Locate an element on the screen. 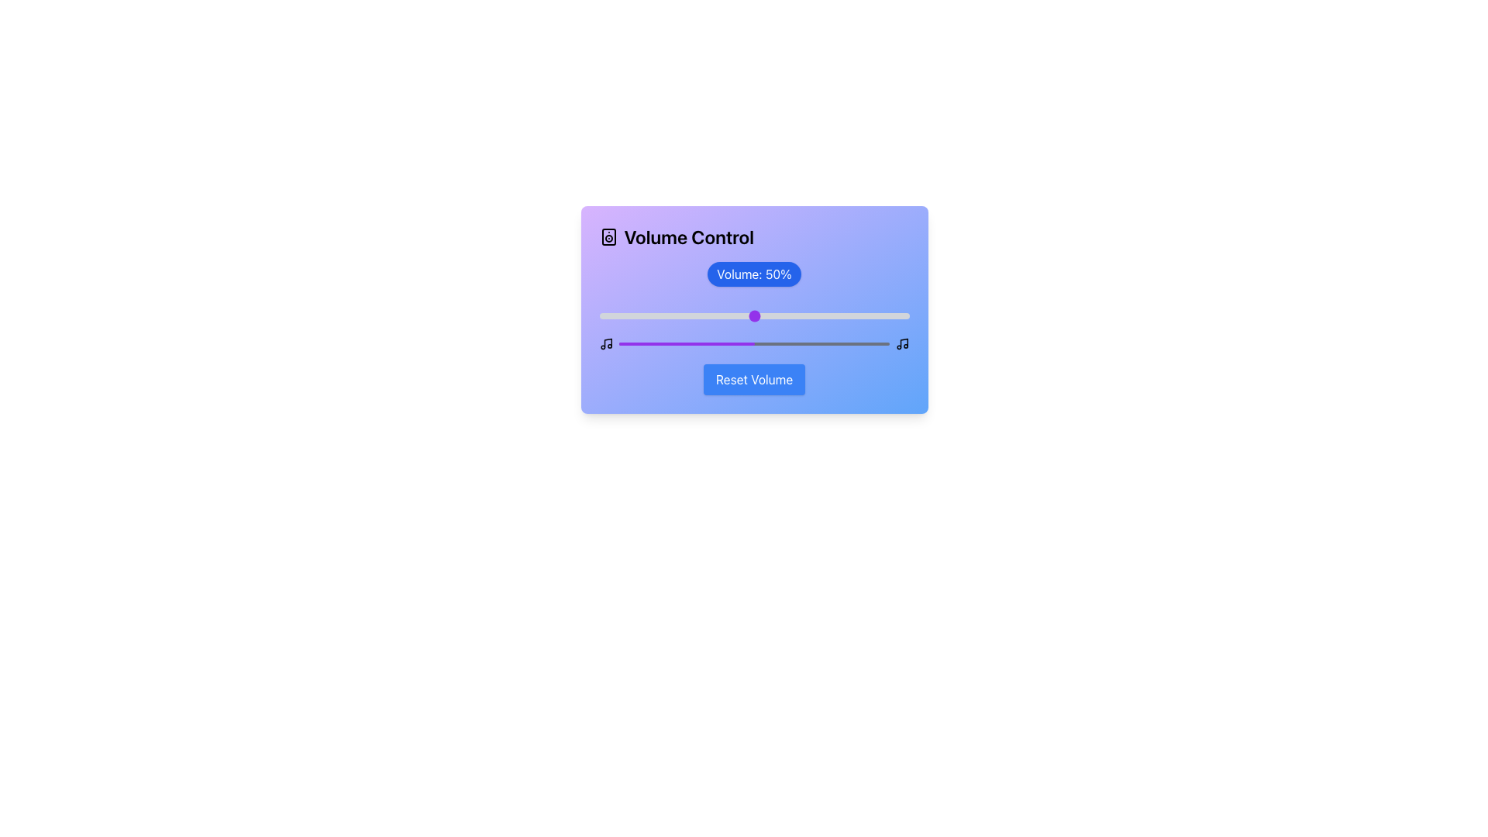  volume is located at coordinates (875, 315).